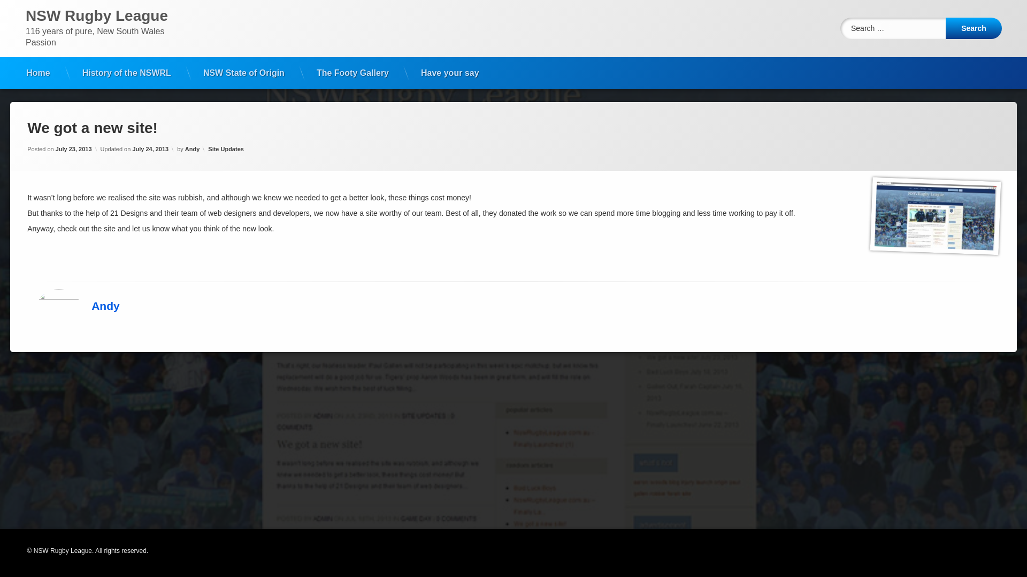 The width and height of the screenshot is (1027, 577). I want to click on 'The Footy Gallery', so click(352, 73).